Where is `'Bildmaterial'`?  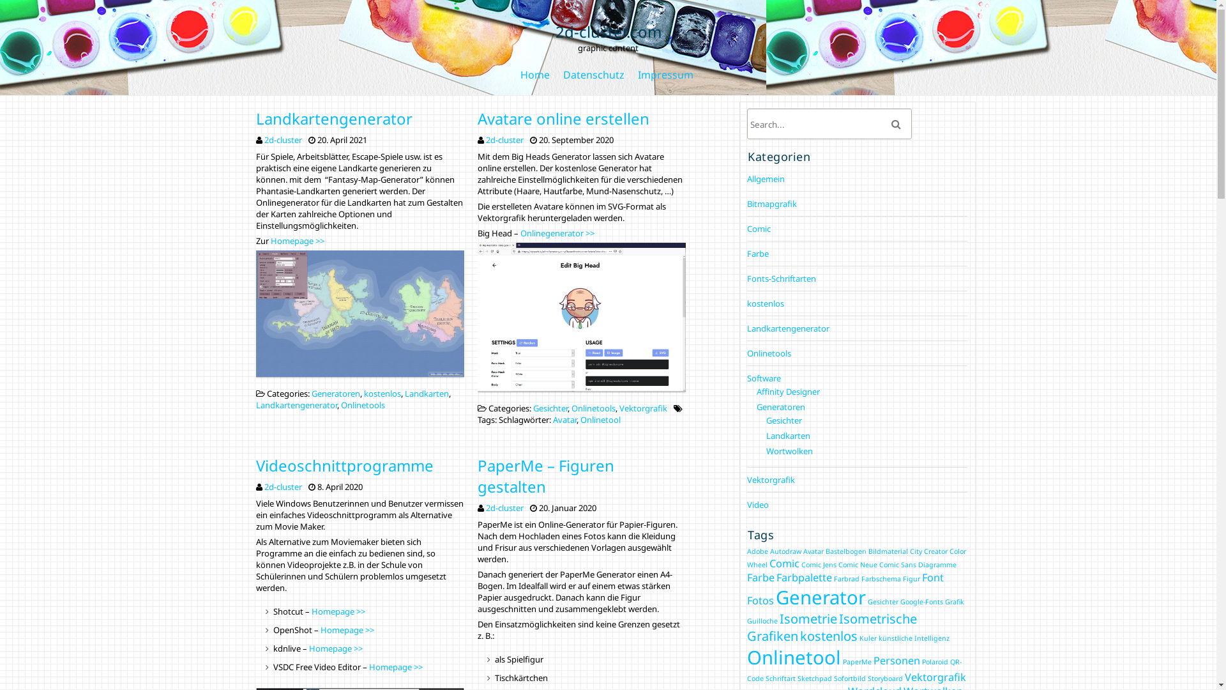
'Bildmaterial' is located at coordinates (888, 551).